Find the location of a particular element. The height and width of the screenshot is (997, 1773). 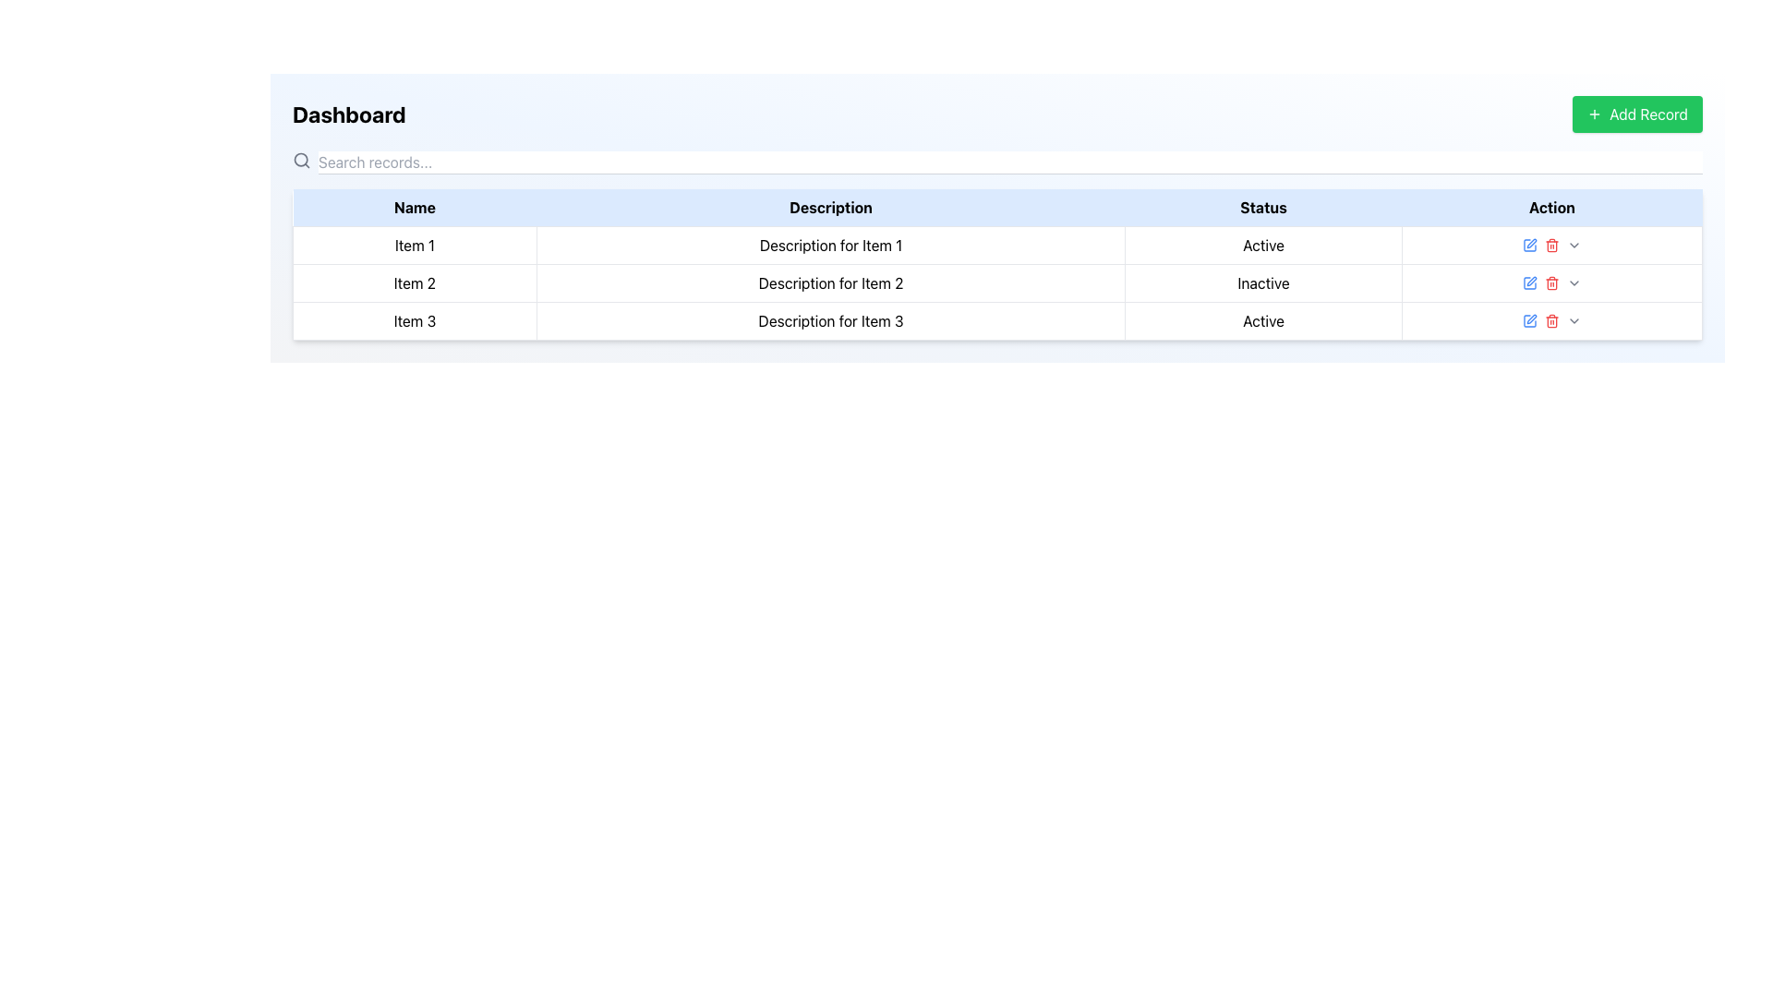

the text label displaying 'Action', which is the last of four horizontally aligned header labels, positioned to the far-right of the header bar above the grid is located at coordinates (1551, 208).